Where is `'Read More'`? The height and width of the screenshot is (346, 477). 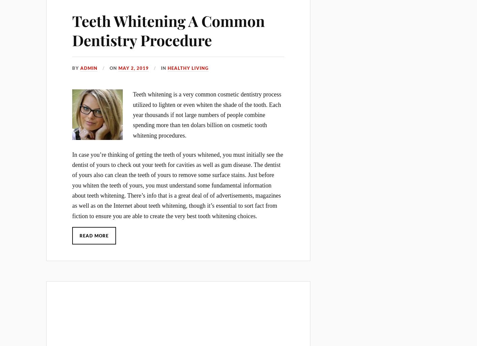 'Read More' is located at coordinates (94, 235).